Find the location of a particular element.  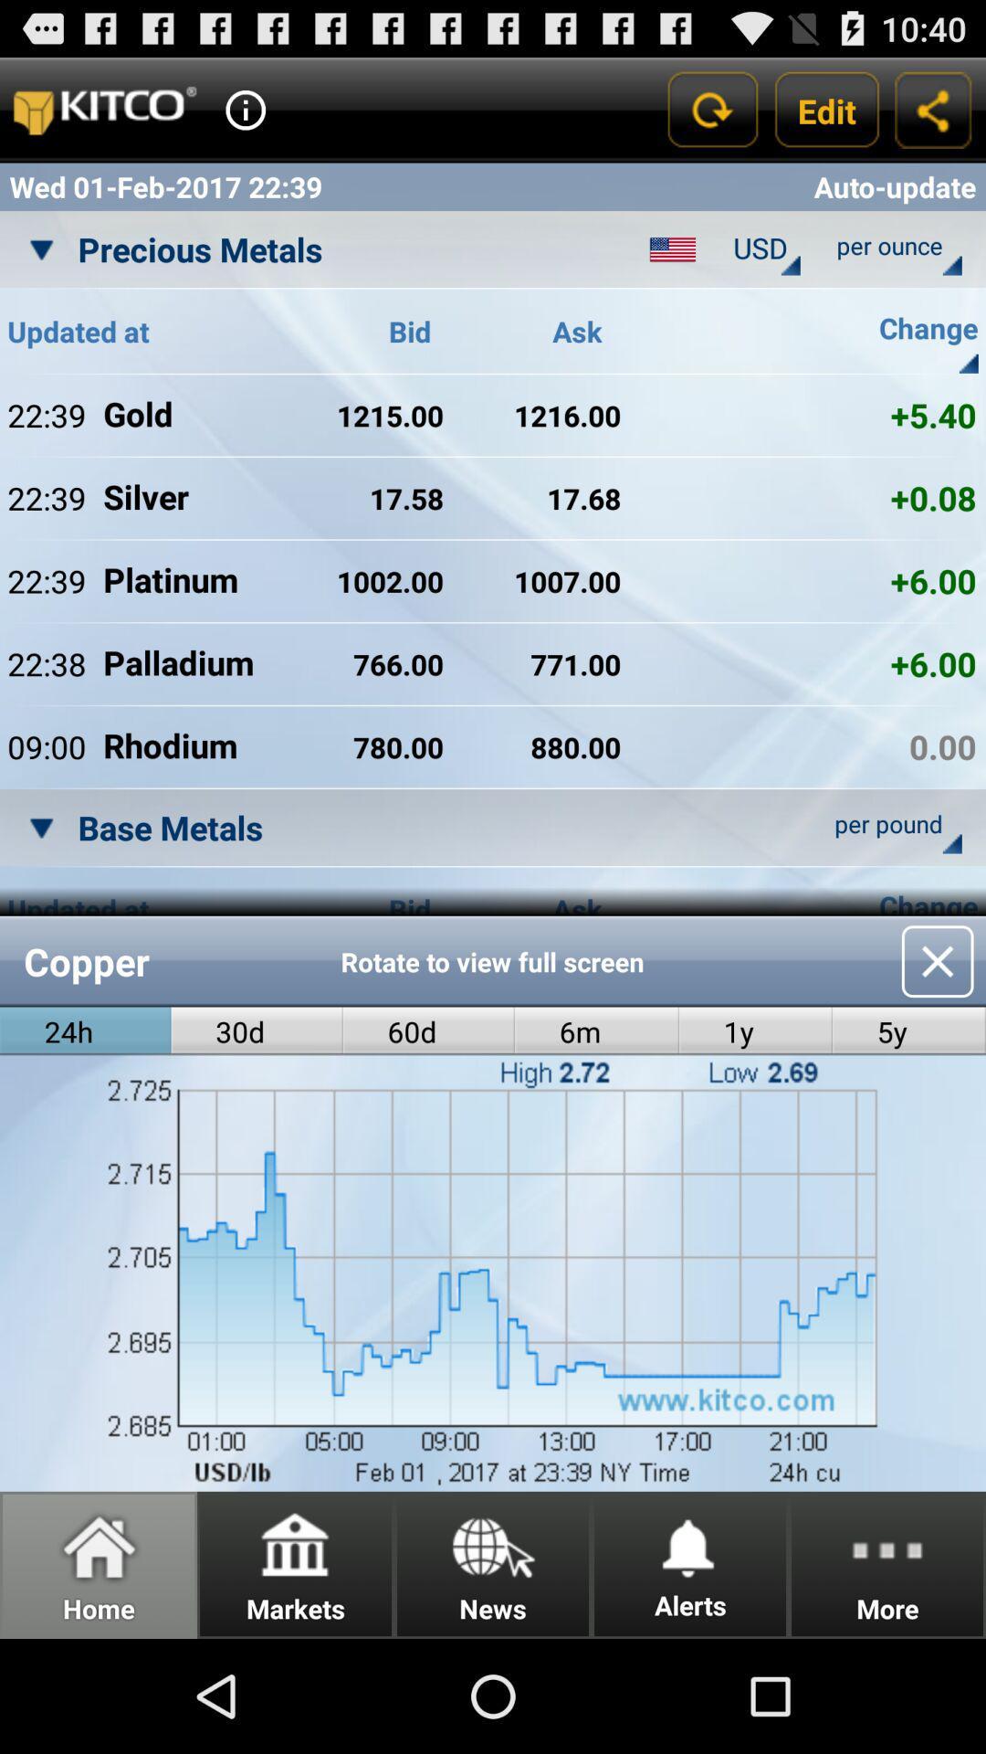

the info icon is located at coordinates (245, 117).